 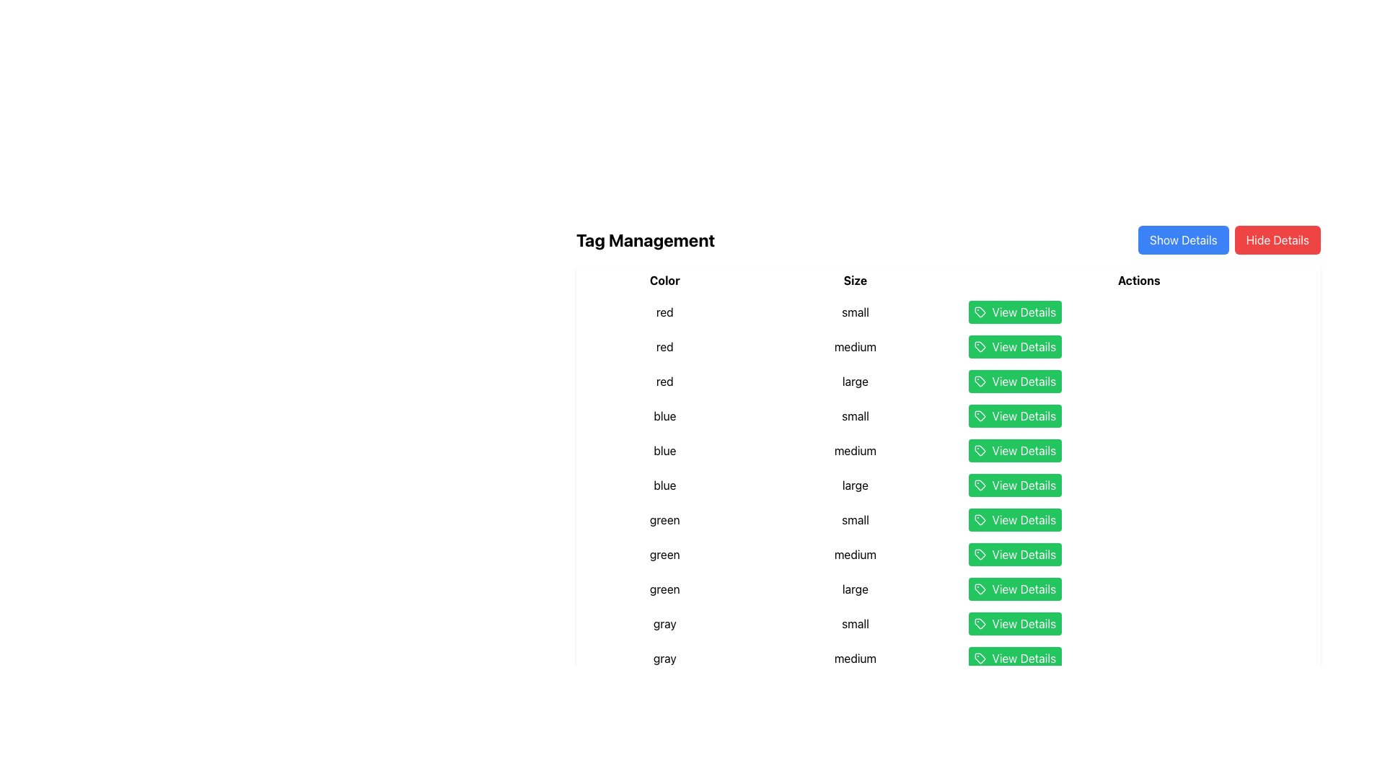 I want to click on the 'View Details' button with a green background and white text located in the sixth row of the interactive table under the 'Actions' column, so click(x=1014, y=449).